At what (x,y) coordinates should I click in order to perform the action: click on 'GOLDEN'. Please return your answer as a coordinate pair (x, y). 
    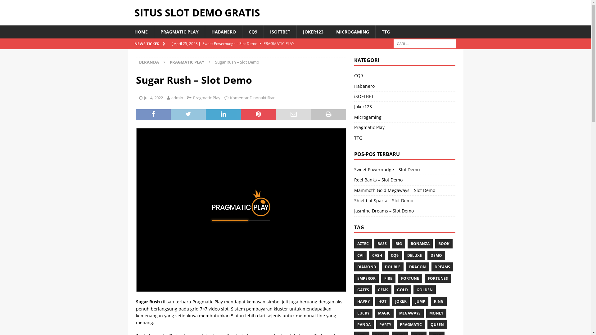
    Looking at the image, I should click on (424, 290).